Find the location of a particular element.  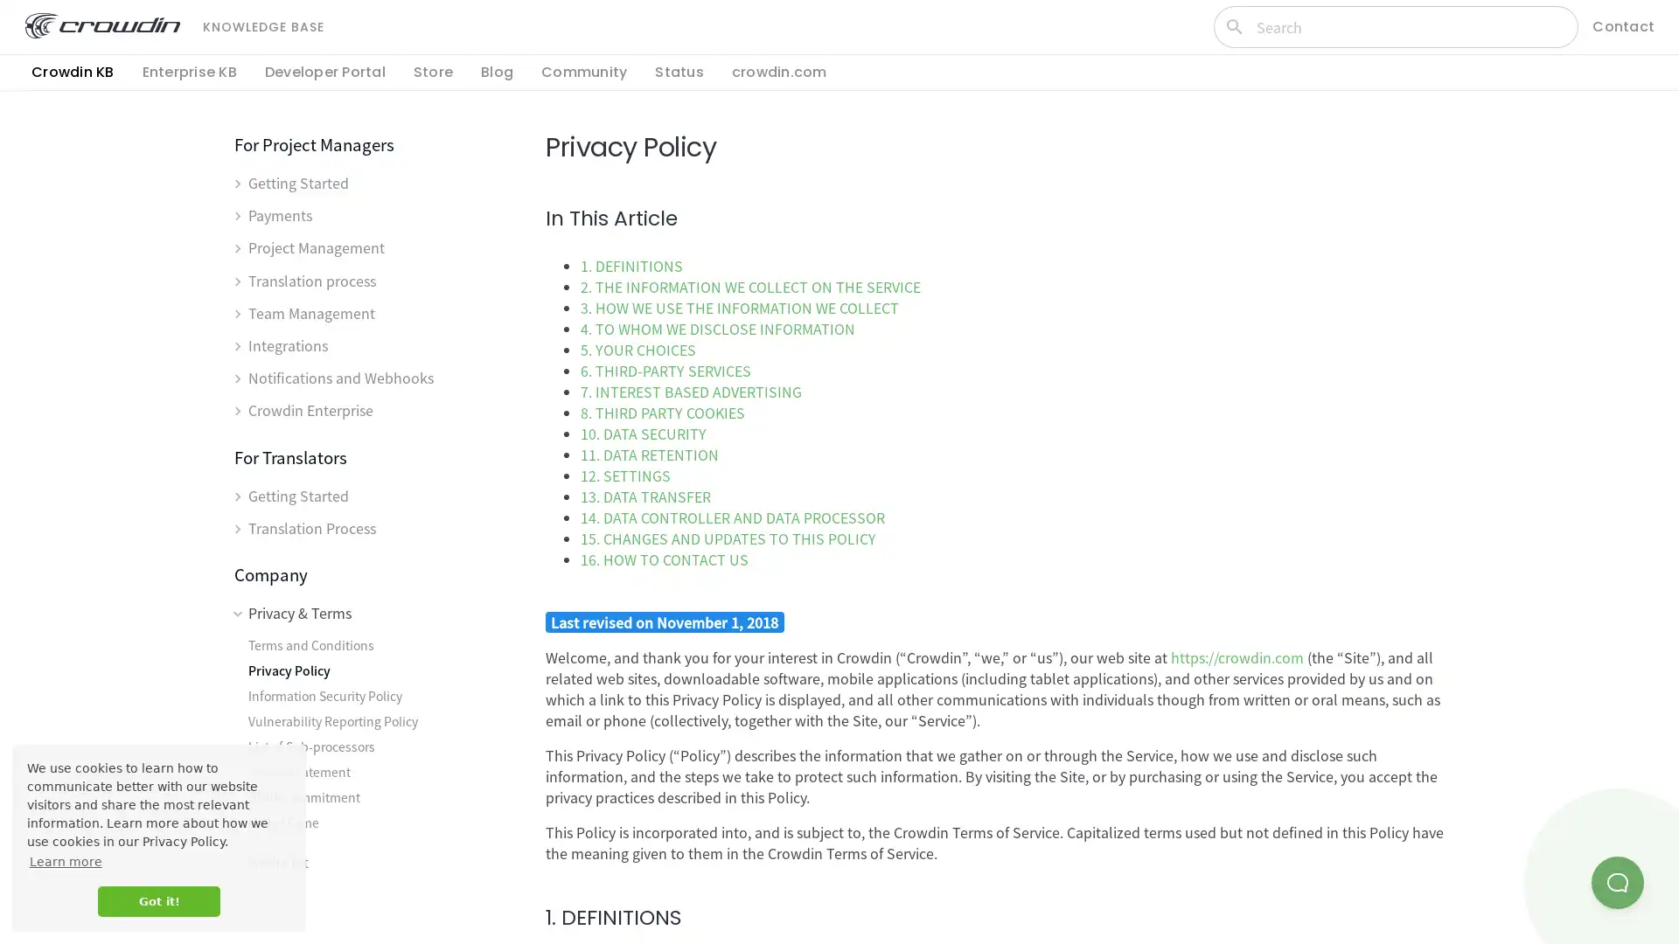

learn more about cookies is located at coordinates (65, 861).